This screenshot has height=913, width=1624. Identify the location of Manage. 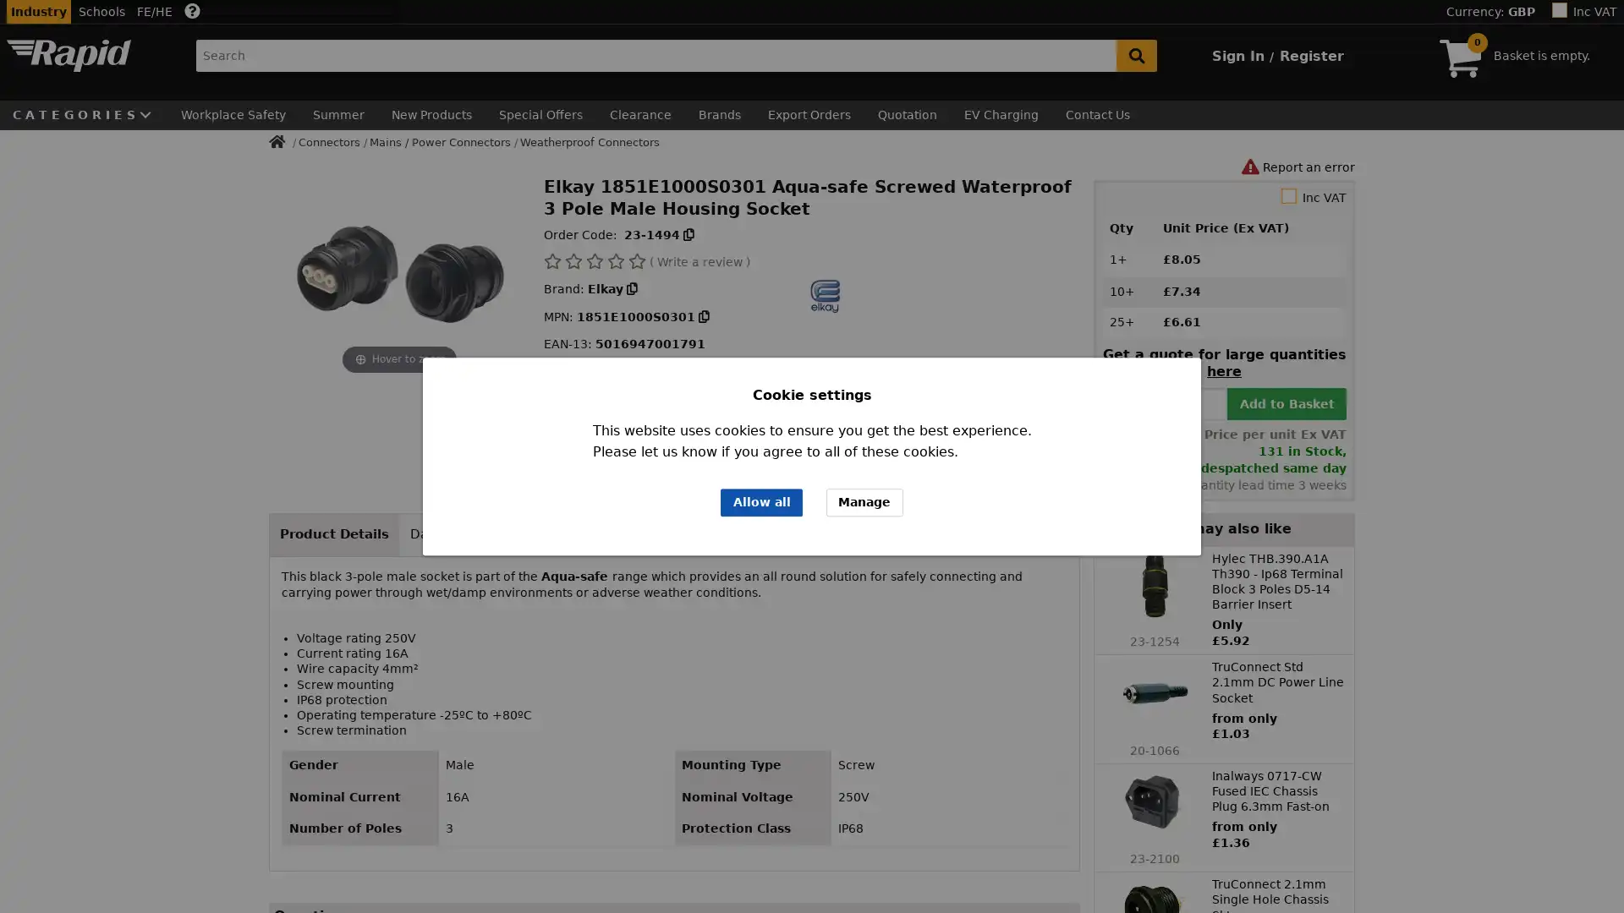
(864, 501).